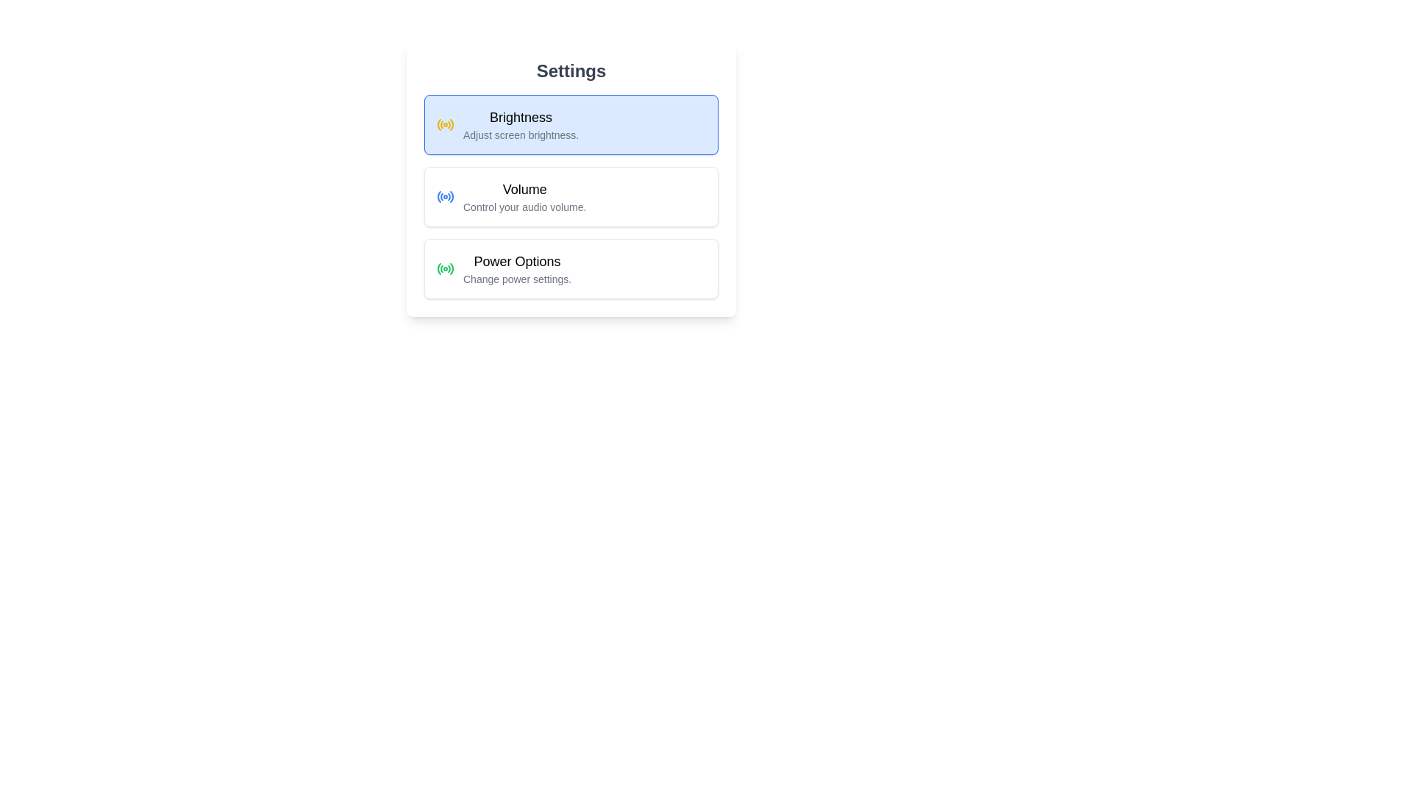  Describe the element at coordinates (524, 189) in the screenshot. I see `header or title text for the audio volume control section, which is located in the second section of a vertical list and is centered above the description text 'Control your audio volume.'` at that location.